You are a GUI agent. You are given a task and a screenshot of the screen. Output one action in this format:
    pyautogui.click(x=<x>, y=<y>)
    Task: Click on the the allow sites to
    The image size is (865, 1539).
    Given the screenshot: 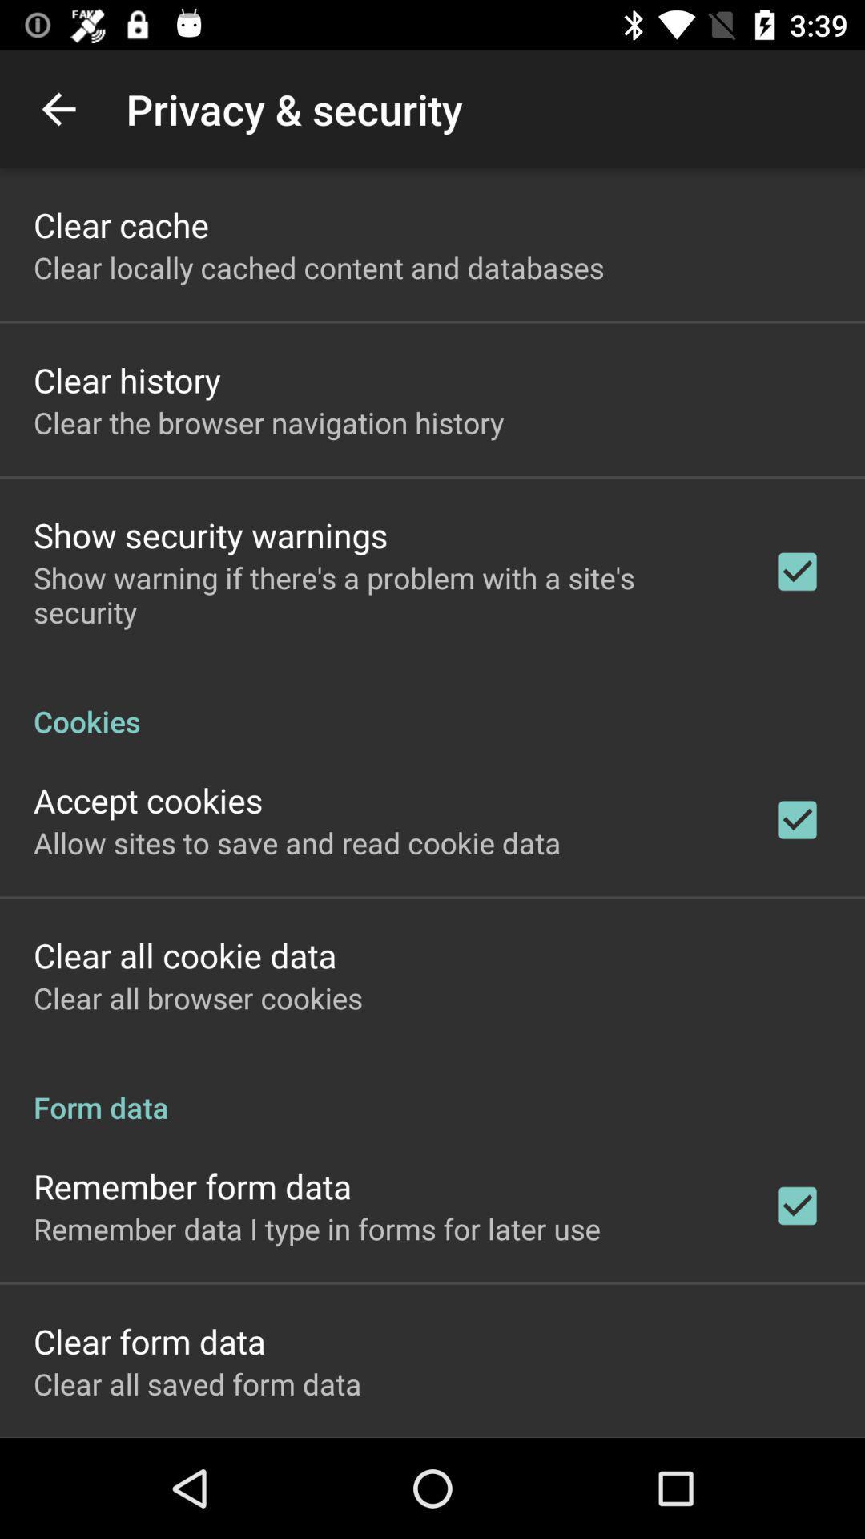 What is the action you would take?
    pyautogui.click(x=297, y=842)
    